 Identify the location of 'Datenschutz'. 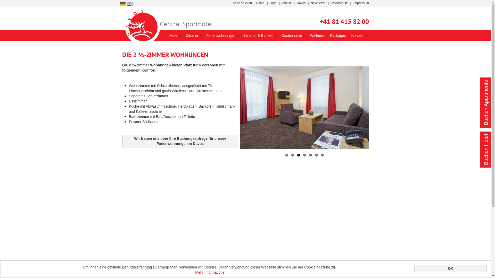
(339, 3).